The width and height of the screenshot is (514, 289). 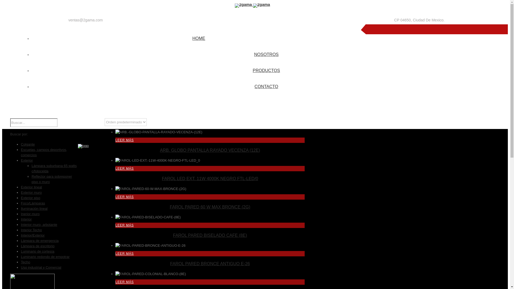 I want to click on 'Reflector para sobreponer piso o muro', so click(x=52, y=179).